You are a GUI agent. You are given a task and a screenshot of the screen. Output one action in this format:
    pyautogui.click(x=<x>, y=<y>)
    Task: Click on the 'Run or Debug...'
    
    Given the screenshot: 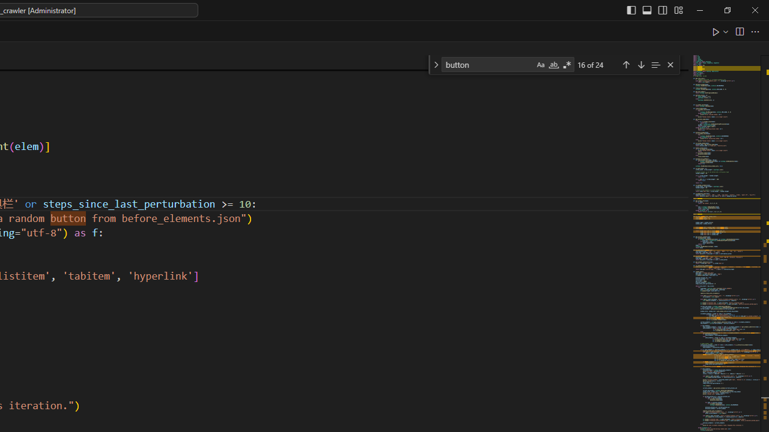 What is the action you would take?
    pyautogui.click(x=725, y=31)
    